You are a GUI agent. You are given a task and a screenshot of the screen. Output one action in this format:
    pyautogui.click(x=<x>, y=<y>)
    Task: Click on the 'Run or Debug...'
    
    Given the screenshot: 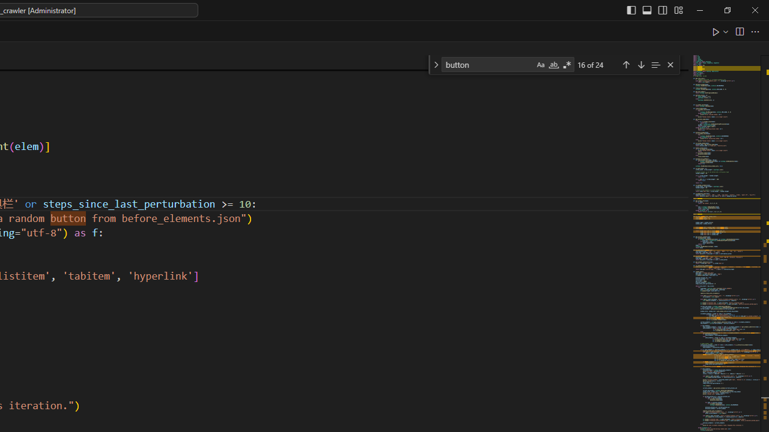 What is the action you would take?
    pyautogui.click(x=725, y=31)
    